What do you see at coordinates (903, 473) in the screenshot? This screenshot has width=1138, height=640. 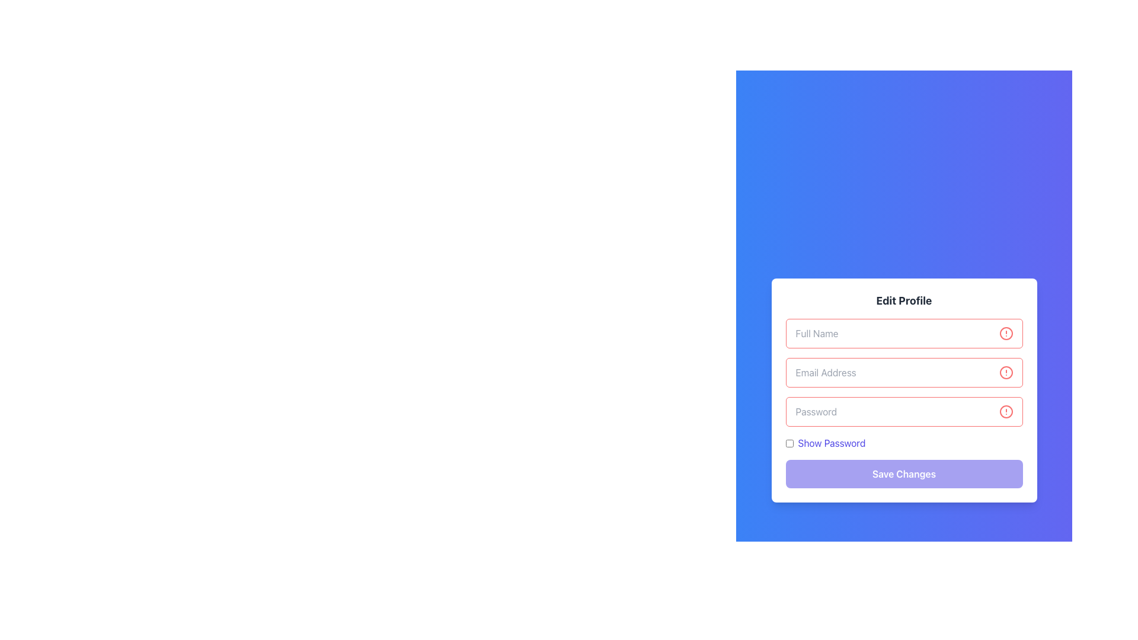 I see `the 'Save Changes' button, which has a purple background and white bold text, located at the bottom of the form layout` at bounding box center [903, 473].